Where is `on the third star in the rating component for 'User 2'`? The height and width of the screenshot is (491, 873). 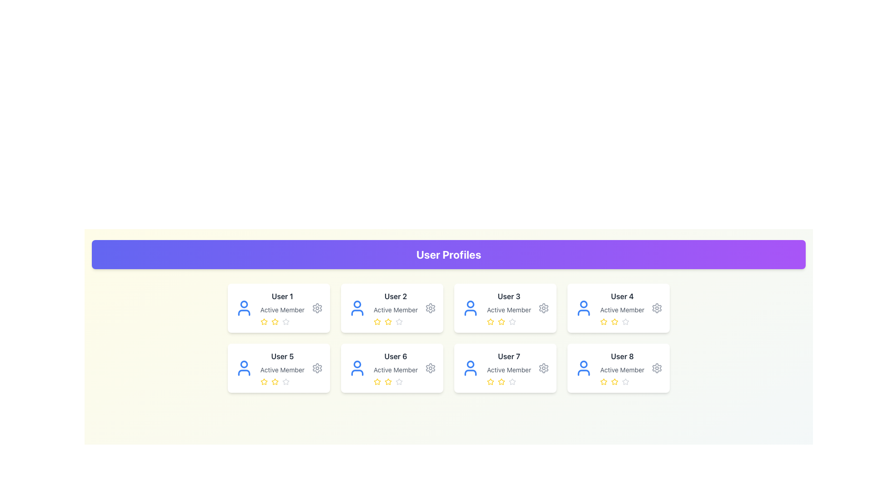
on the third star in the rating component for 'User 2' is located at coordinates (396, 321).